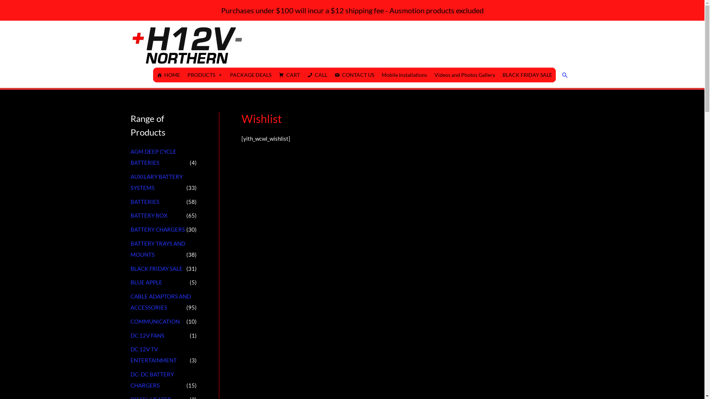 The width and height of the screenshot is (710, 399). I want to click on 'Mobile Installations', so click(404, 75).